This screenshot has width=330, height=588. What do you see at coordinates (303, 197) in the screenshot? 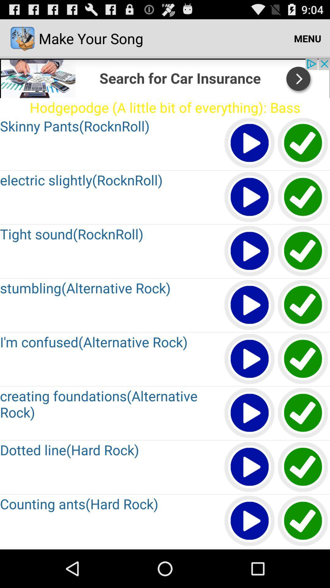
I see `the song` at bounding box center [303, 197].